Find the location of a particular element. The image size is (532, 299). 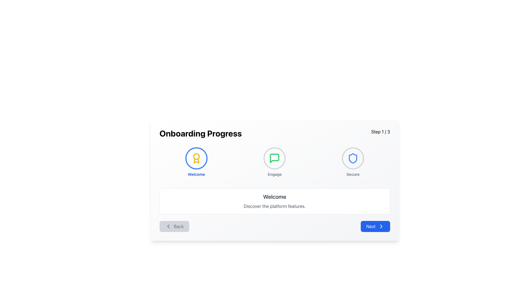

the decorative achievement graphic component in the 'Welcome' section of the onboarding process, which is part of the award icon within the 'Onboarding Progress' interface is located at coordinates (196, 161).